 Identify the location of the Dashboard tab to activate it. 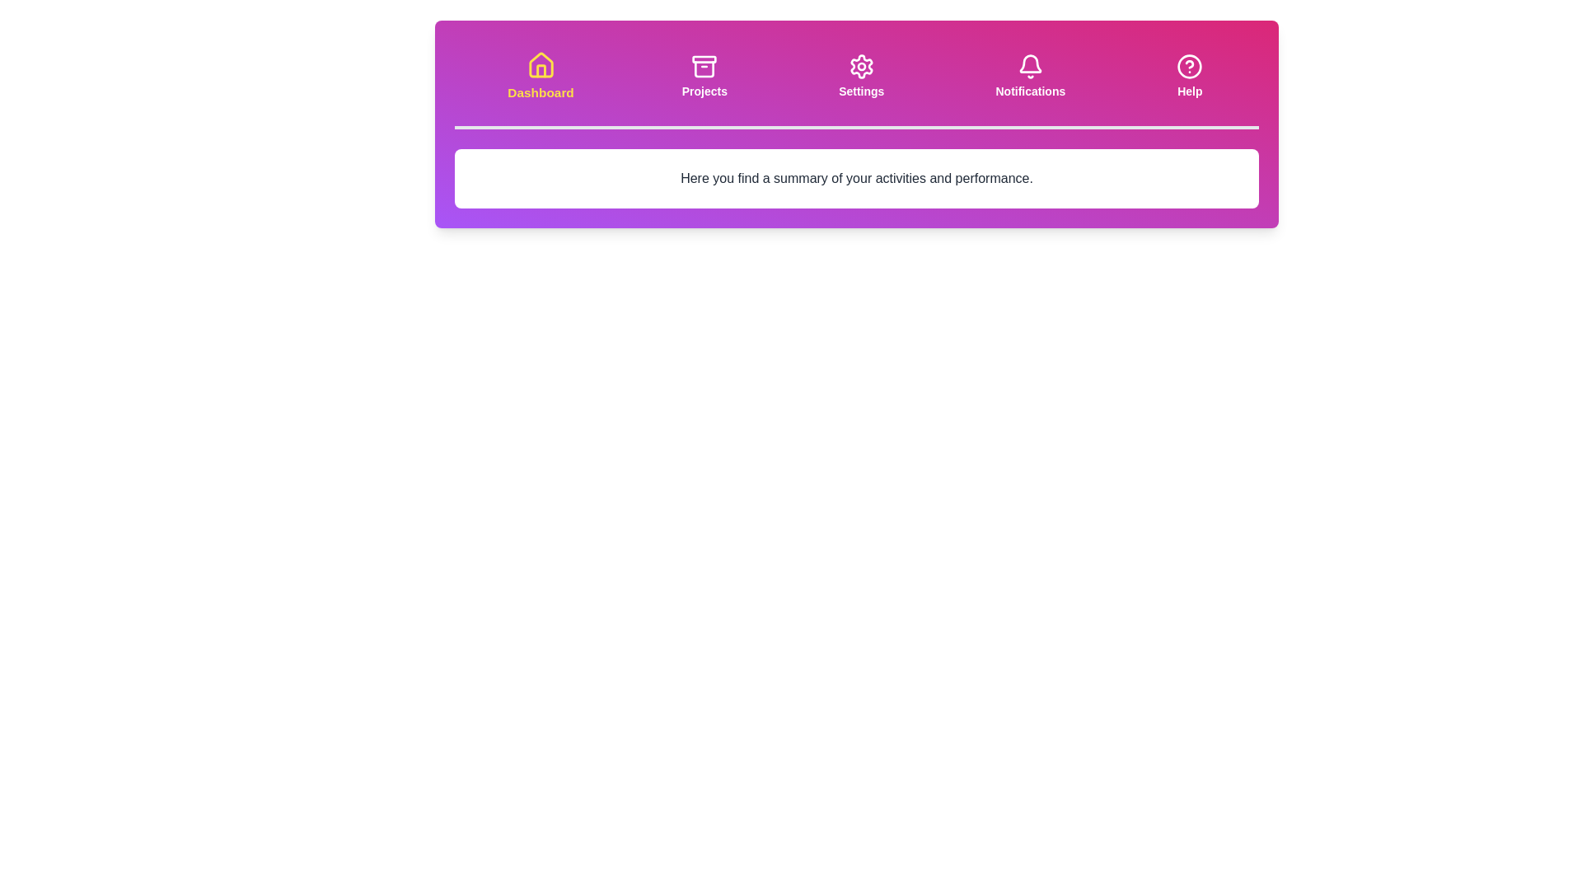
(541, 76).